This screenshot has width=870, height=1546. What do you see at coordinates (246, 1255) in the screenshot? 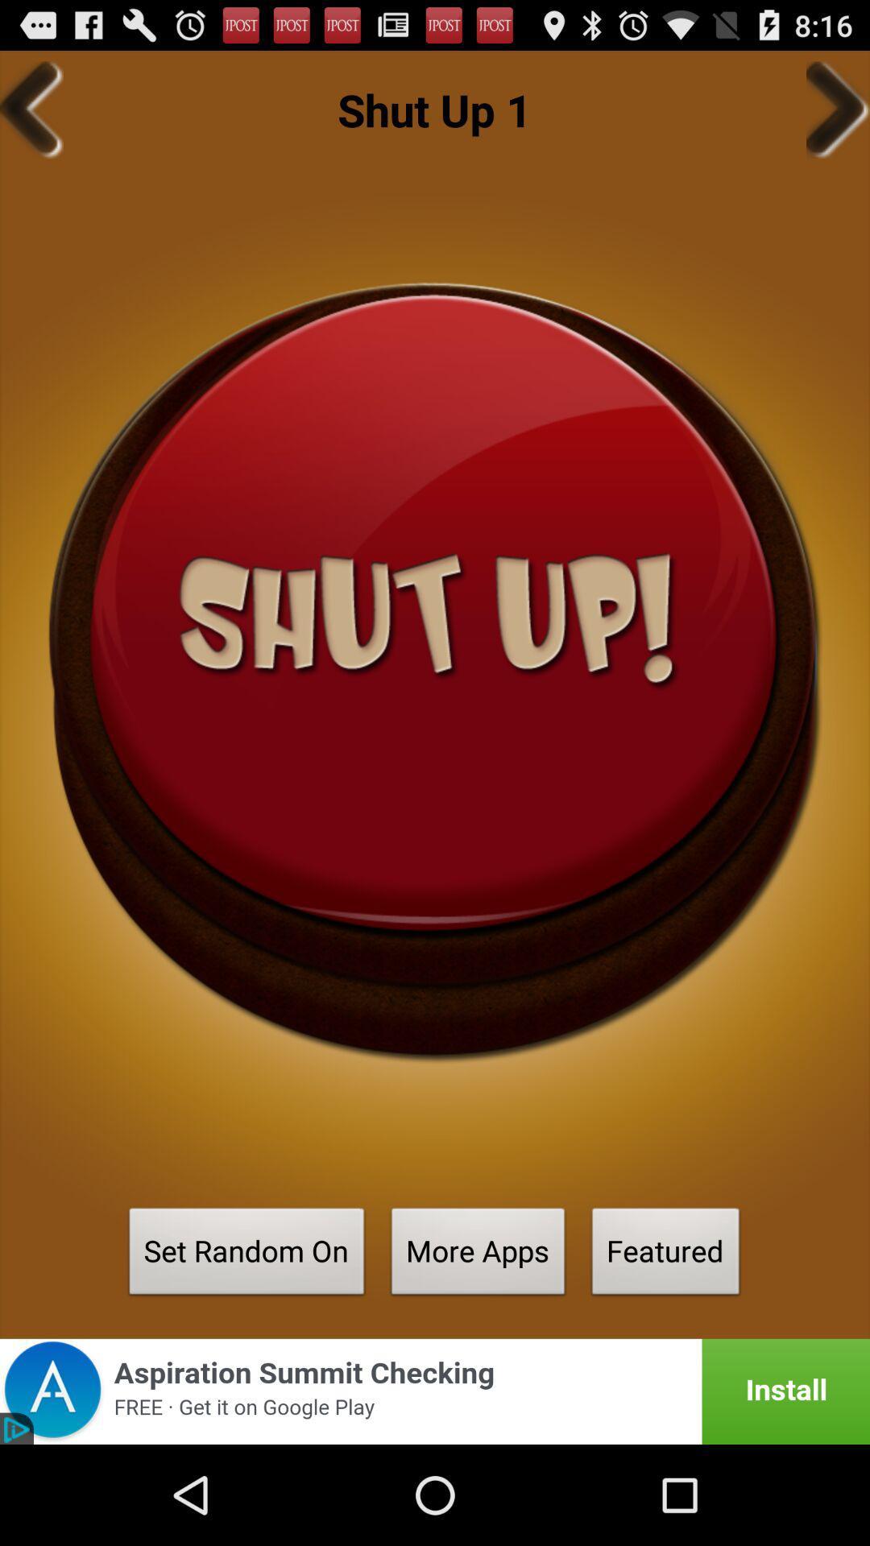
I see `the set random on` at bounding box center [246, 1255].